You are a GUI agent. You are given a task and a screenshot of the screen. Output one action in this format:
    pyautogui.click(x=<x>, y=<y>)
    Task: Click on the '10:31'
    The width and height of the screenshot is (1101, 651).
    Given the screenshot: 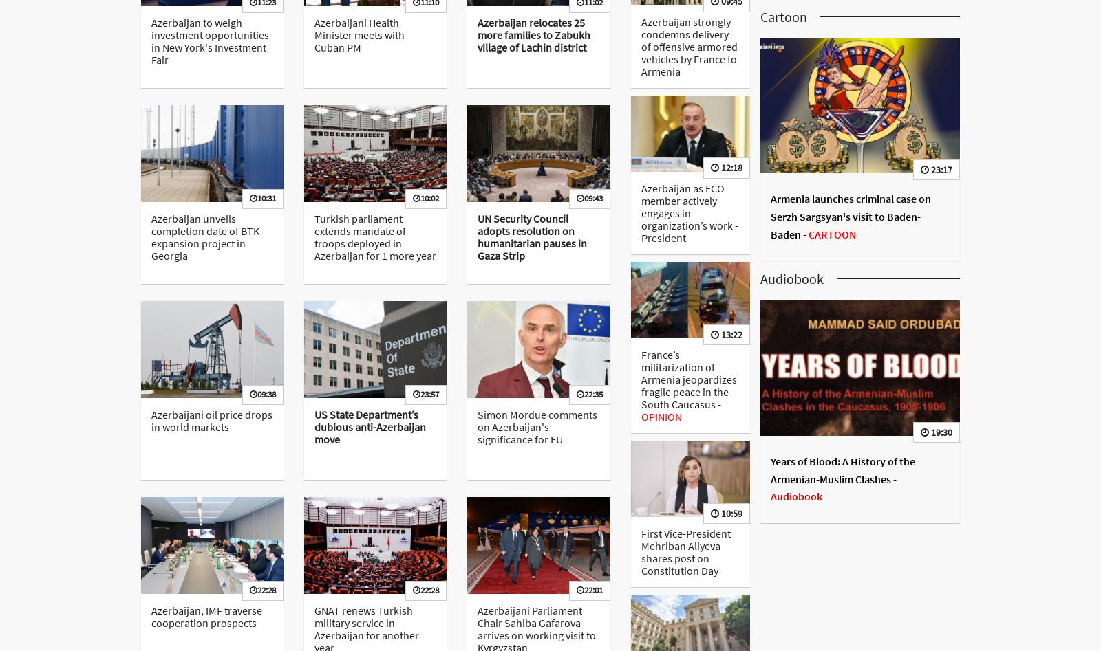 What is the action you would take?
    pyautogui.click(x=266, y=197)
    